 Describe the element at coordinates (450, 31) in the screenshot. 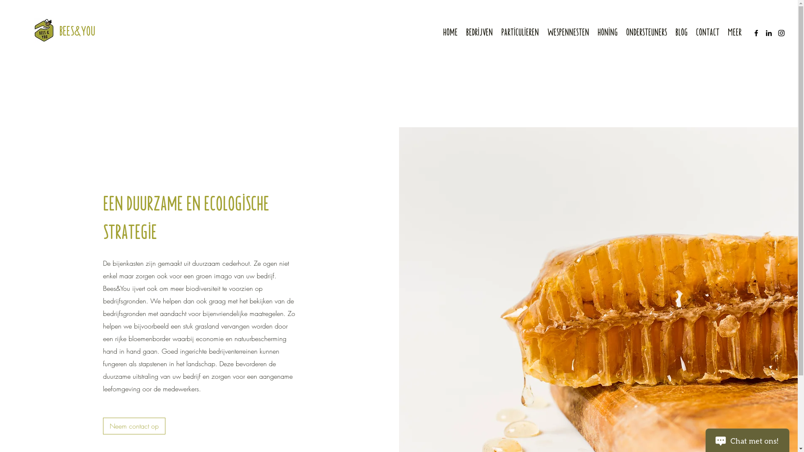

I see `'Home'` at that location.